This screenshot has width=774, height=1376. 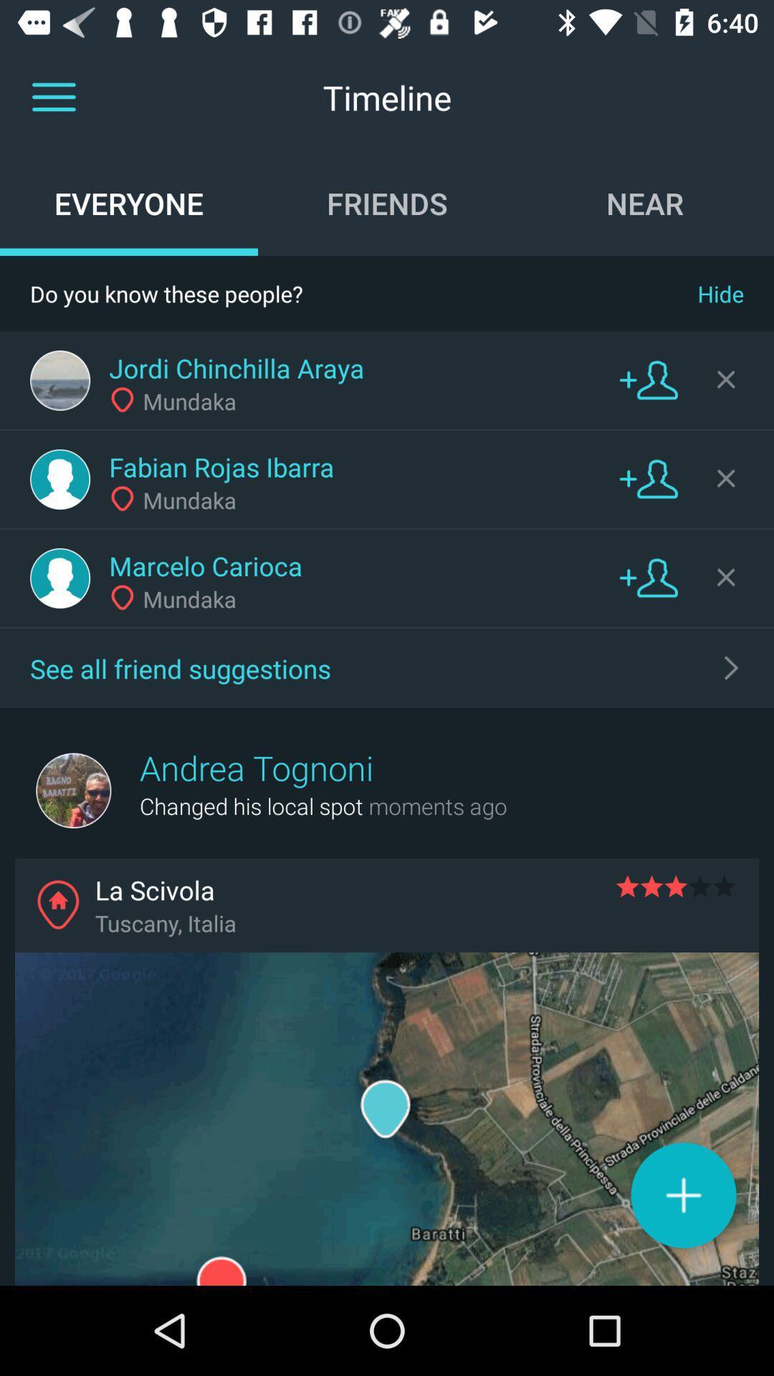 I want to click on see all friend suggestions, so click(x=732, y=666).